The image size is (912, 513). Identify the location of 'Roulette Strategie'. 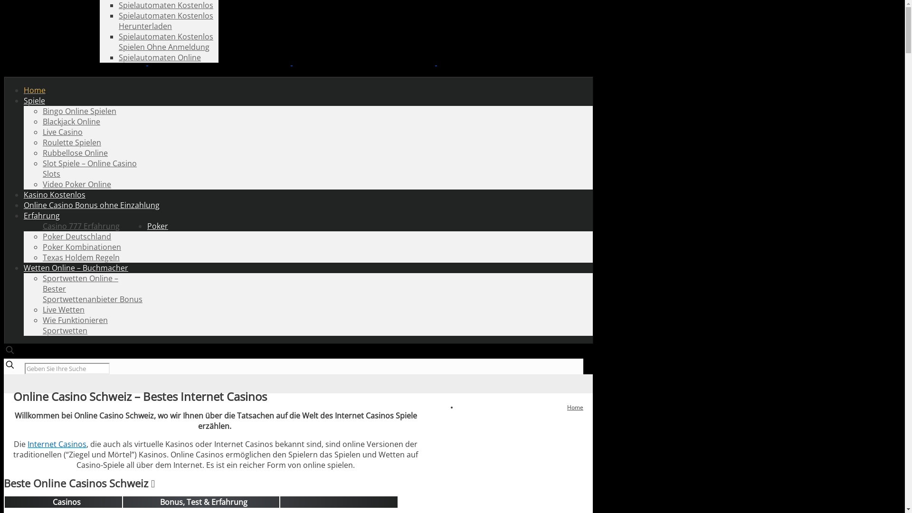
(150, 5).